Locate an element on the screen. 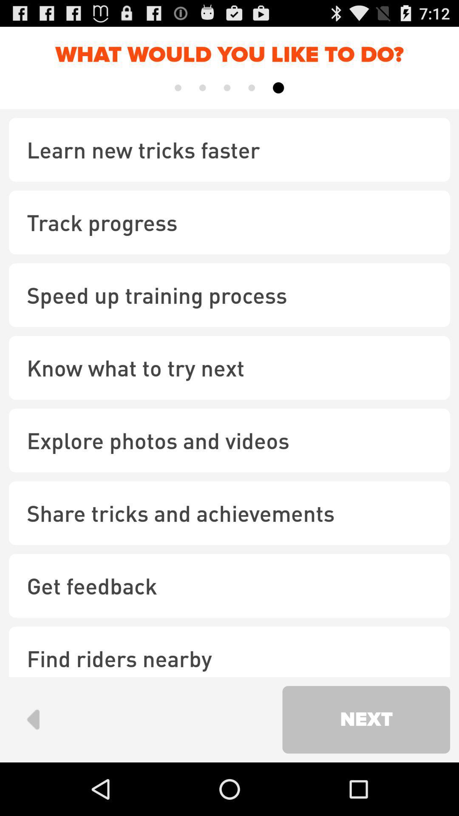 Image resolution: width=459 pixels, height=816 pixels. icon above track progress is located at coordinates (229, 150).